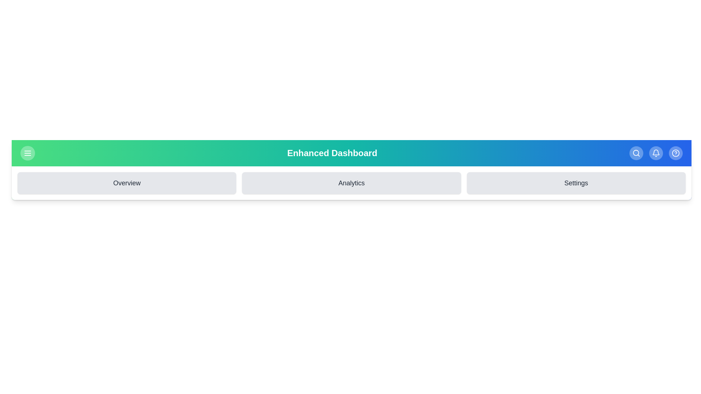 Image resolution: width=701 pixels, height=394 pixels. What do you see at coordinates (28, 153) in the screenshot?
I see `the button corresponding to Menu` at bounding box center [28, 153].